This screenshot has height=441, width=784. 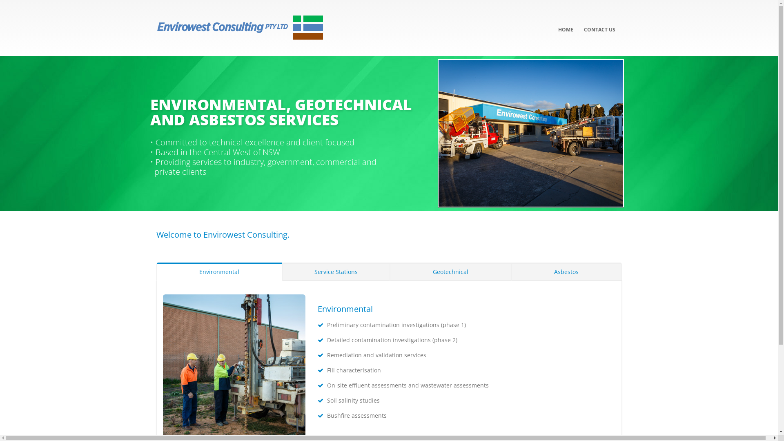 What do you see at coordinates (578, 23) in the screenshot?
I see `'CONTACT US'` at bounding box center [578, 23].